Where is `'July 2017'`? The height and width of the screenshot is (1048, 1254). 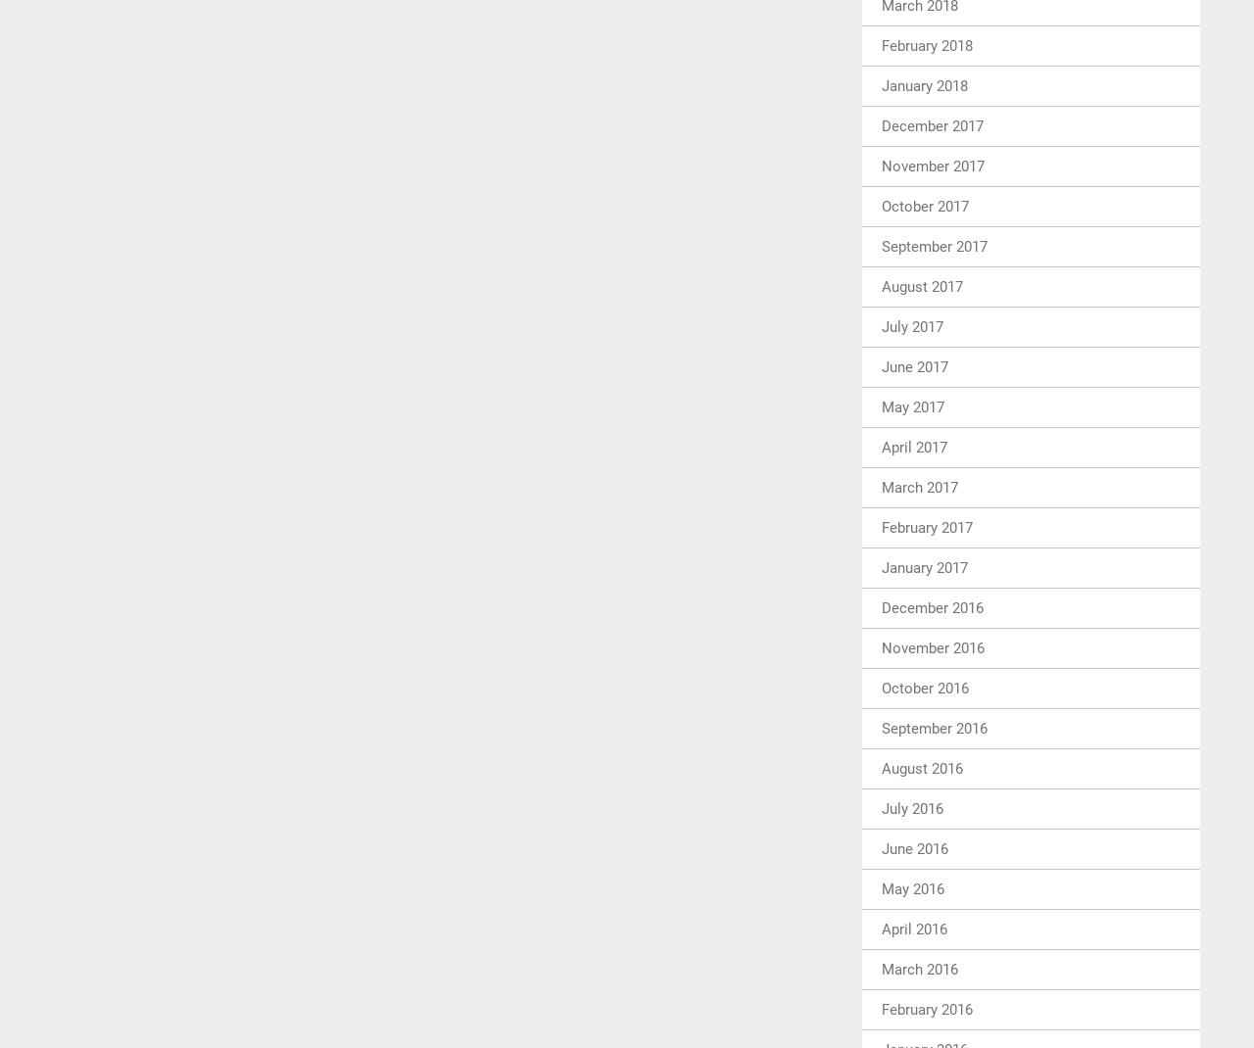
'July 2017' is located at coordinates (911, 325).